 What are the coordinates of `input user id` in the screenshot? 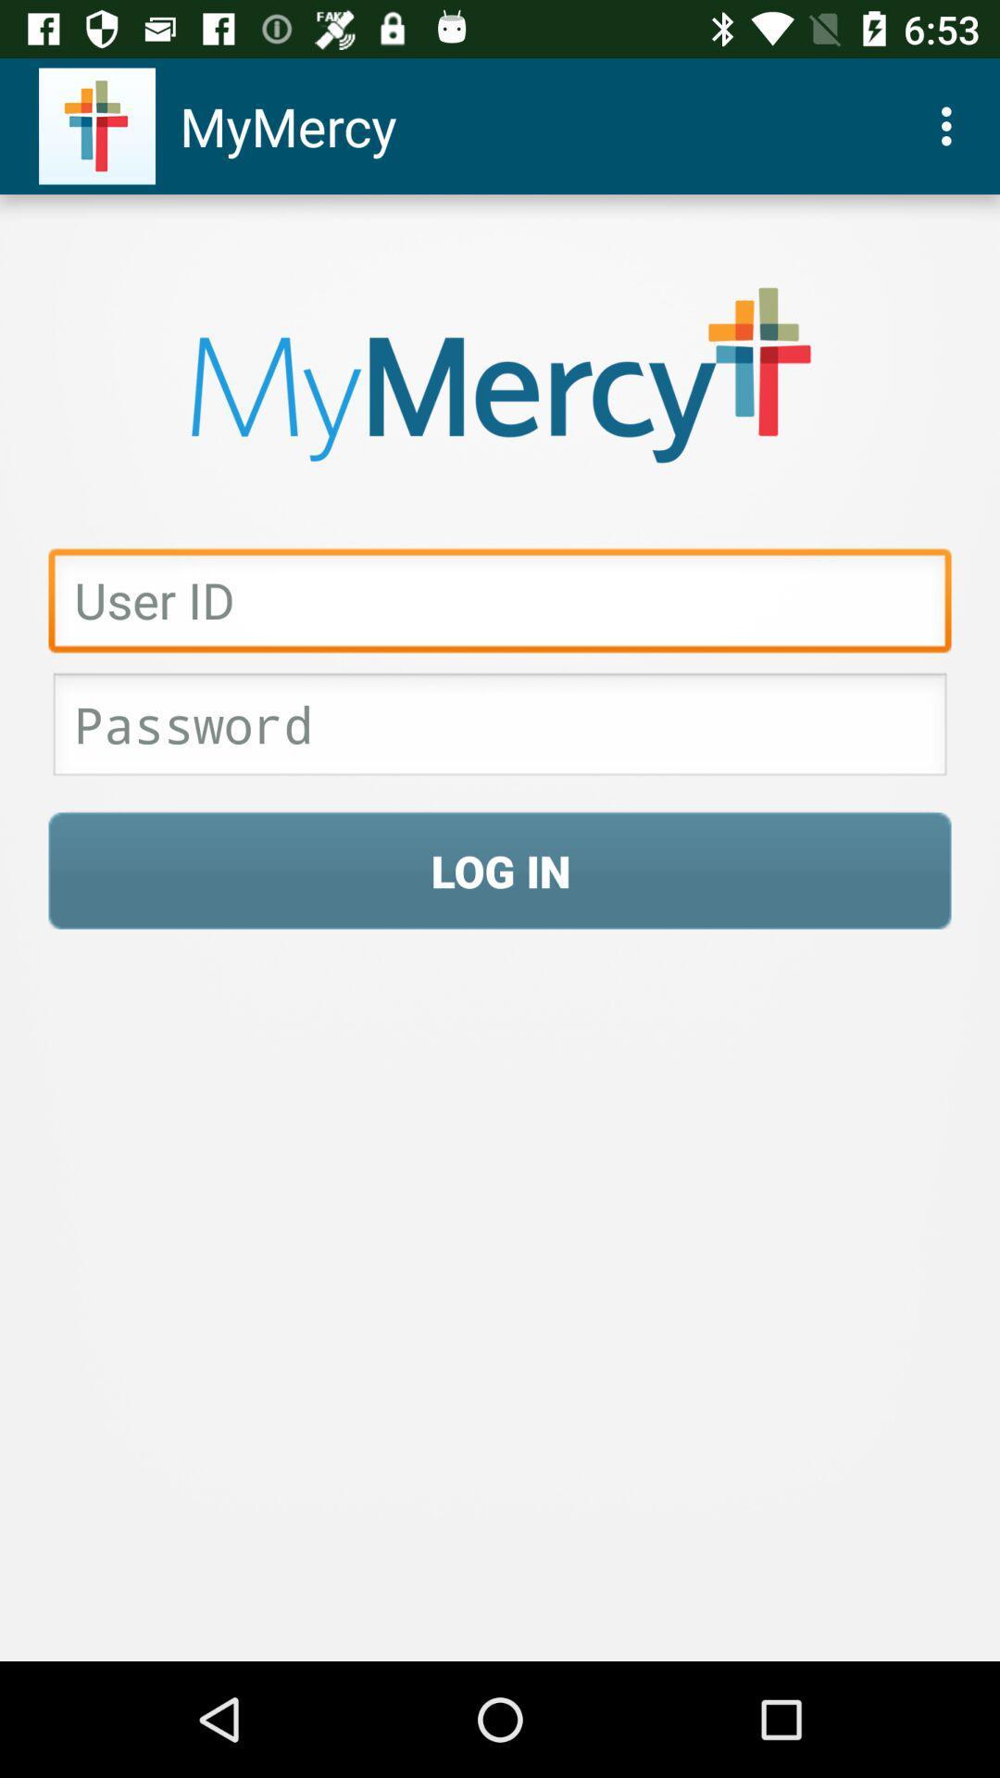 It's located at (500, 605).